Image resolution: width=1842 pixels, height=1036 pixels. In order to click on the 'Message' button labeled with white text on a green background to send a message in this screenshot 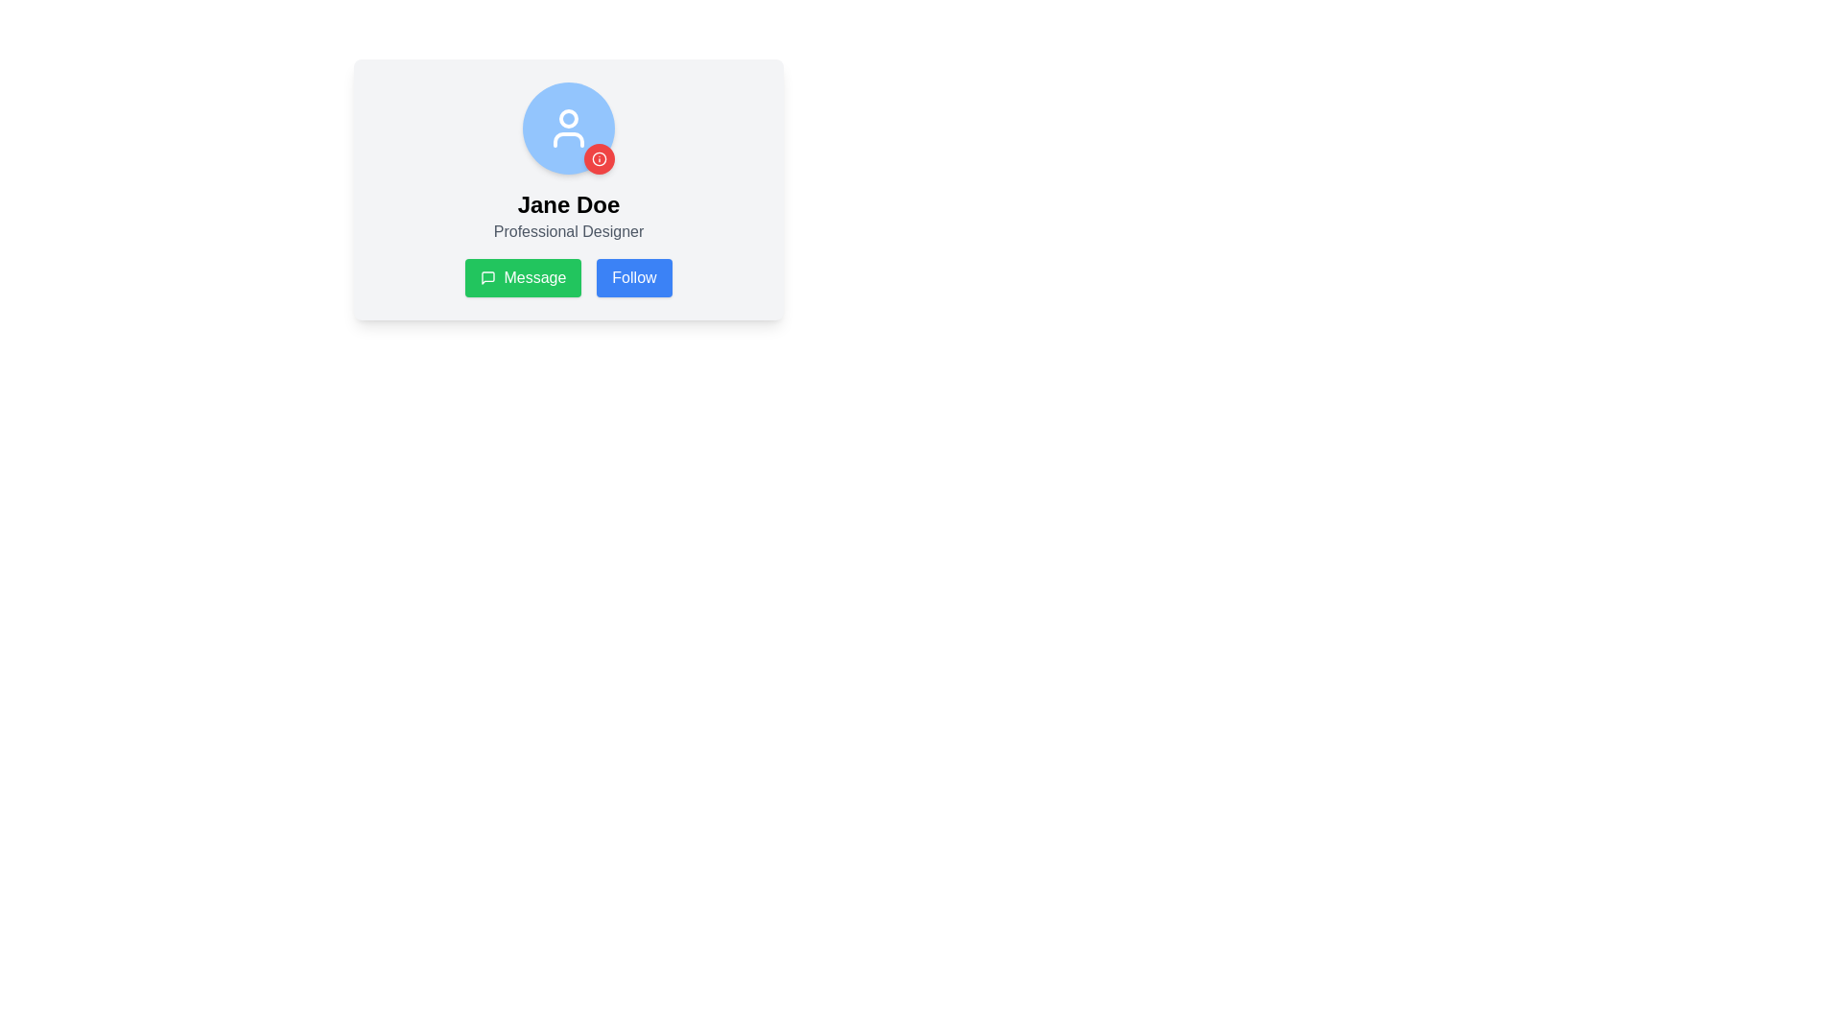, I will do `click(534, 277)`.